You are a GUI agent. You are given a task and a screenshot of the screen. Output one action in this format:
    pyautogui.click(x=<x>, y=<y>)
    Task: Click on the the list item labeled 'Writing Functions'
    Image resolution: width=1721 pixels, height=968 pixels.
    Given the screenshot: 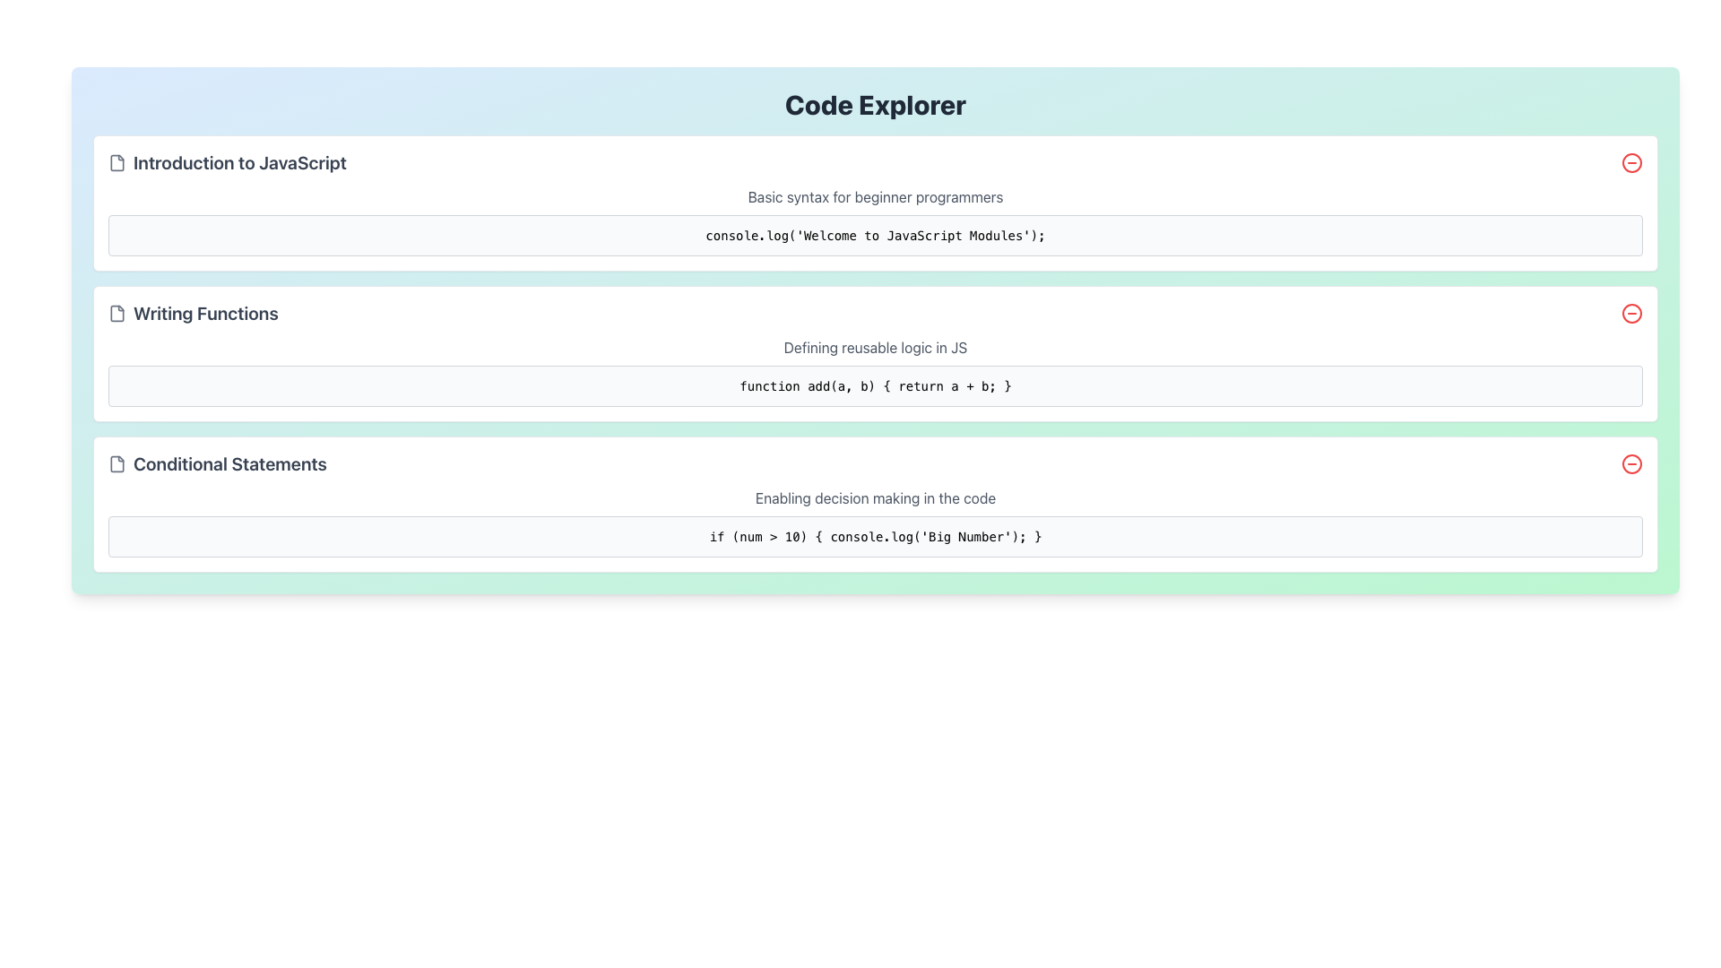 What is the action you would take?
    pyautogui.click(x=193, y=313)
    